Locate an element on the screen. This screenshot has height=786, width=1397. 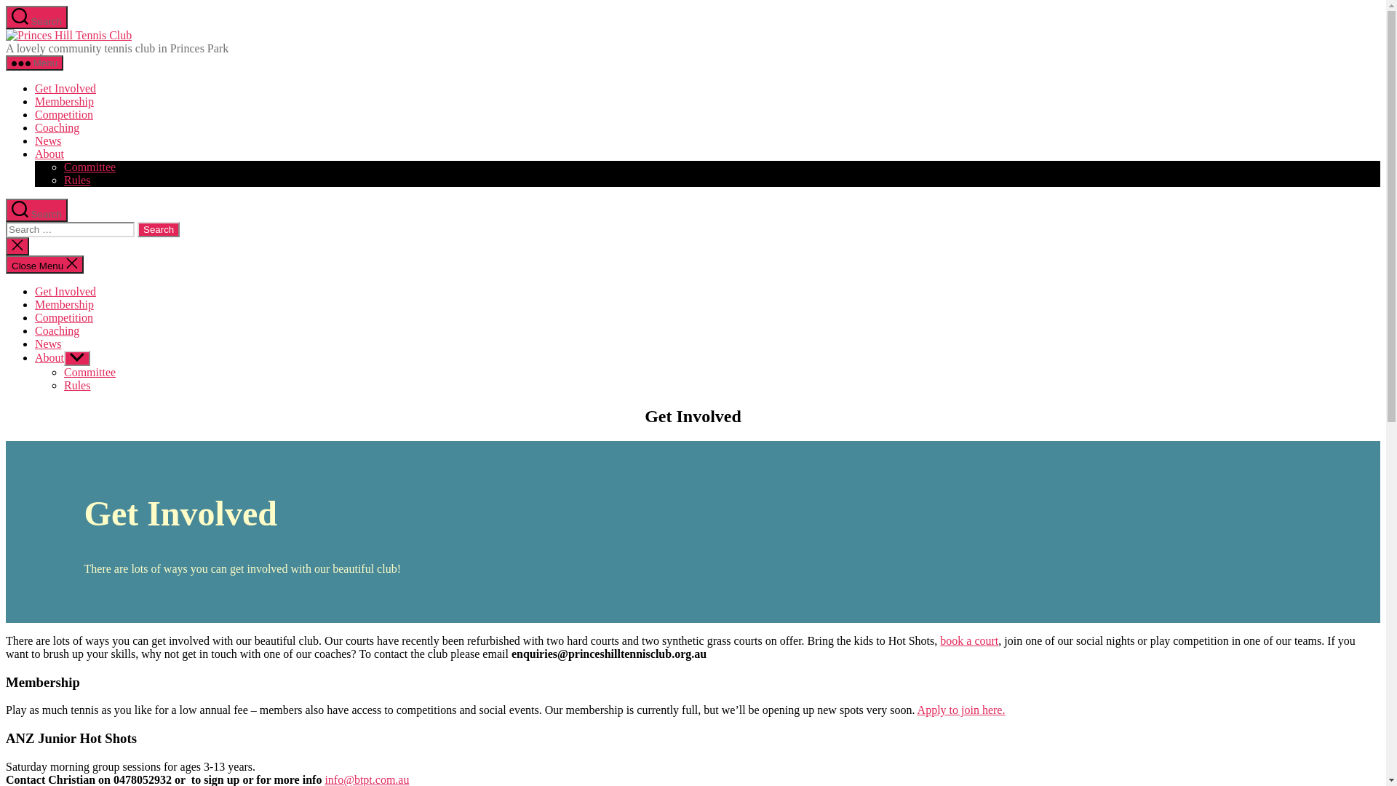
'Rules' is located at coordinates (76, 179).